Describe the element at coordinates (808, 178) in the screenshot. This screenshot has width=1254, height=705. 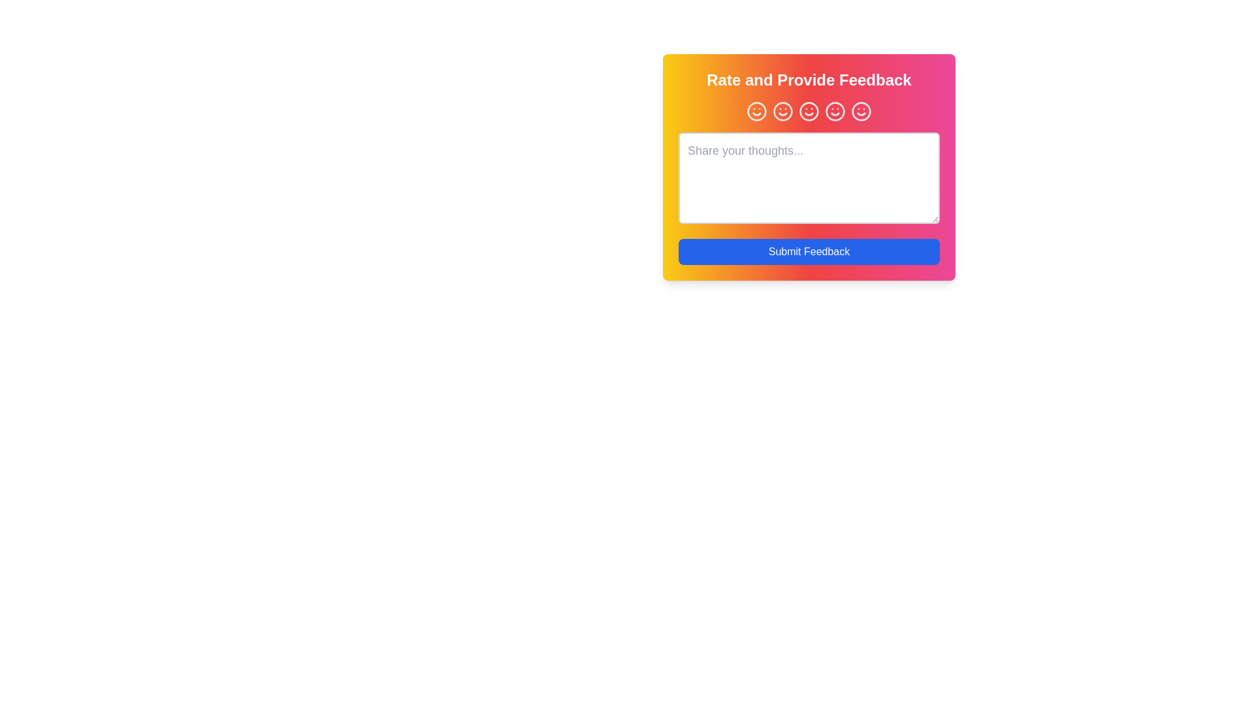
I see `the text area and type the comment 'Great service!'` at that location.